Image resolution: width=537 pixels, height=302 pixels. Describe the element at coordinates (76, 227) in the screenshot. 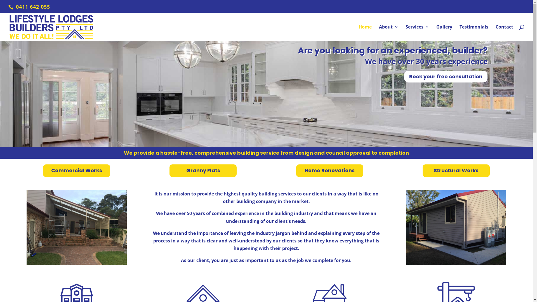

I see `'D3-768x576'` at that location.